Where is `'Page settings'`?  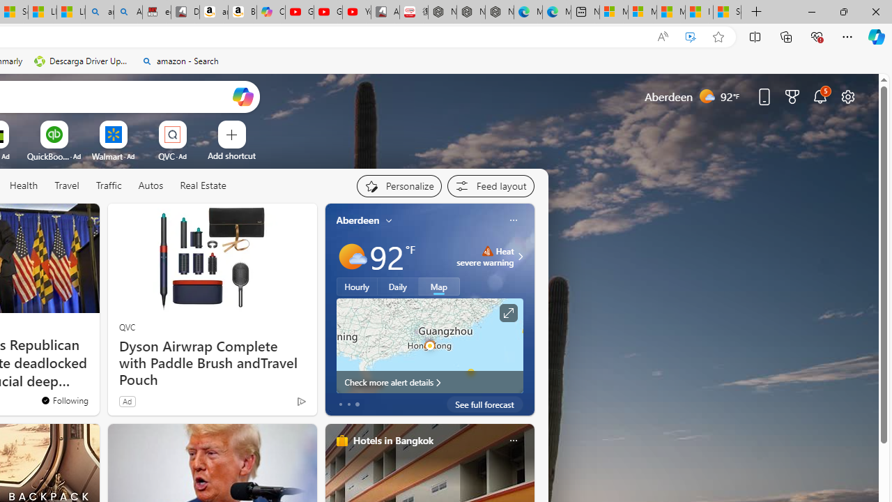 'Page settings' is located at coordinates (847, 96).